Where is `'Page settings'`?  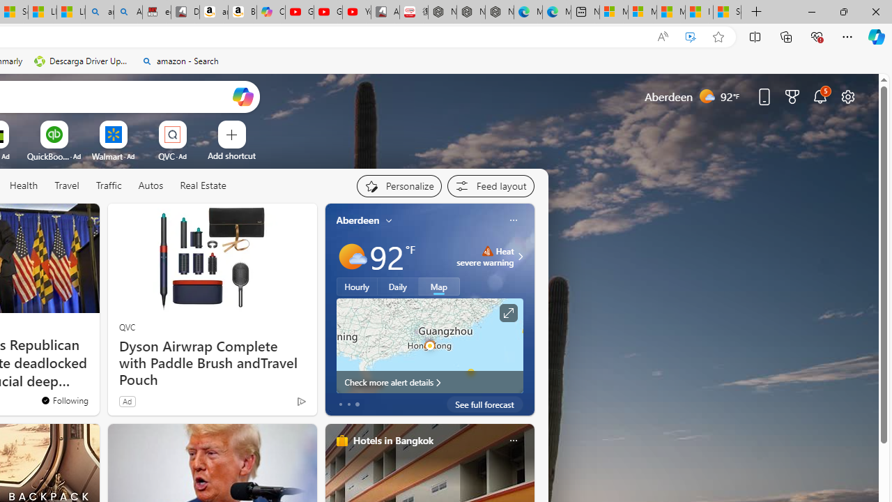 'Page settings' is located at coordinates (847, 96).